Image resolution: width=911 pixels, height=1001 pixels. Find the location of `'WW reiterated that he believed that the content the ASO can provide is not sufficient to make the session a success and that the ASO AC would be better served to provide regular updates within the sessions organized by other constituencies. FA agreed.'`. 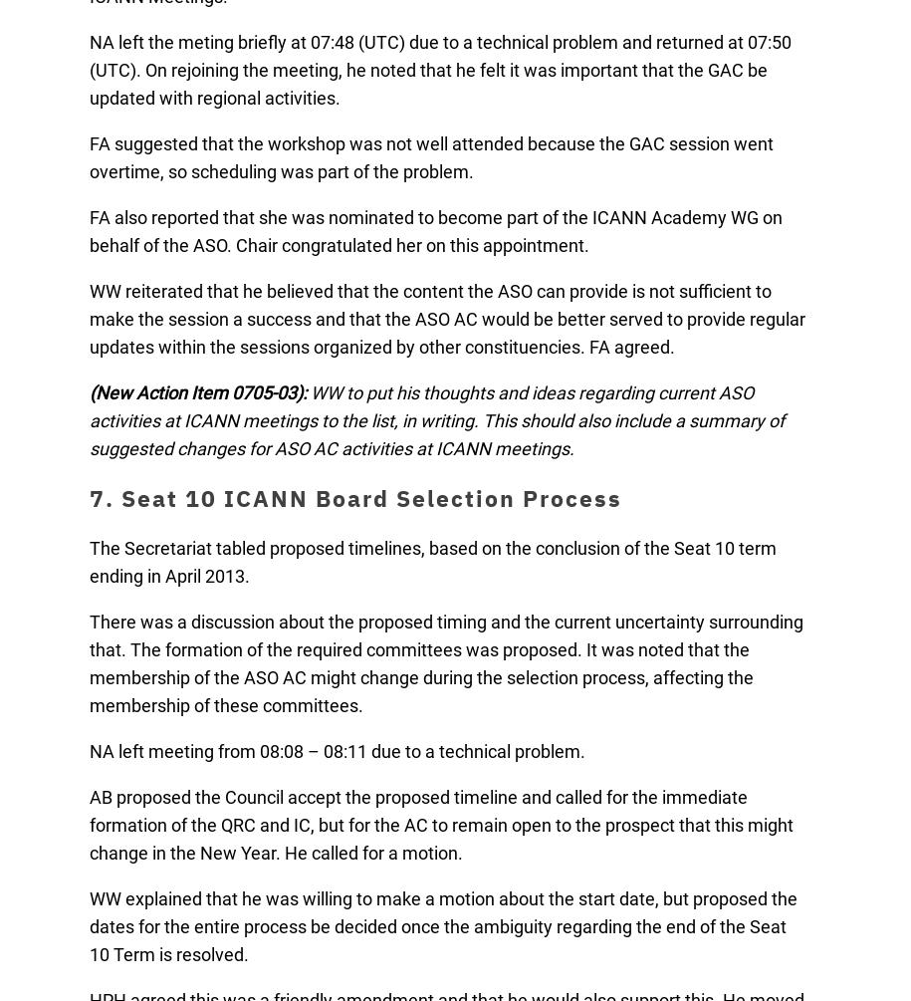

'WW reiterated that he believed that the content the ASO can provide is not sufficient to make the session a success and that the ASO AC would be better served to provide regular updates within the sessions organized by other constituencies. FA agreed.' is located at coordinates (89, 318).